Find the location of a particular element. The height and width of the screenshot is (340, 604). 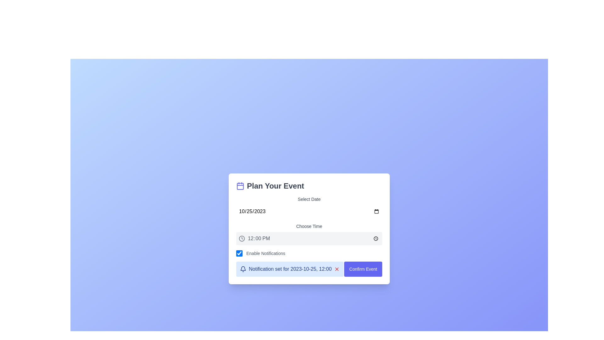

the checkbox styled with a rounded shape and a blue checkmark, located at the leftmost side of the 'Enable Notifications' section is located at coordinates (239, 253).